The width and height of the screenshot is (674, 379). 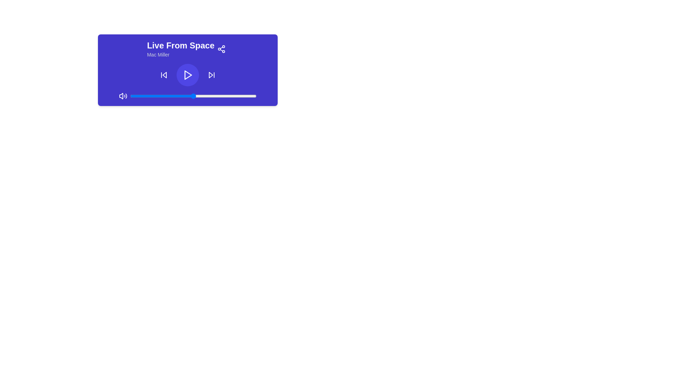 I want to click on the 'previous track' icon button located at the center-left of the media player interface to skip to the previous track, so click(x=163, y=75).